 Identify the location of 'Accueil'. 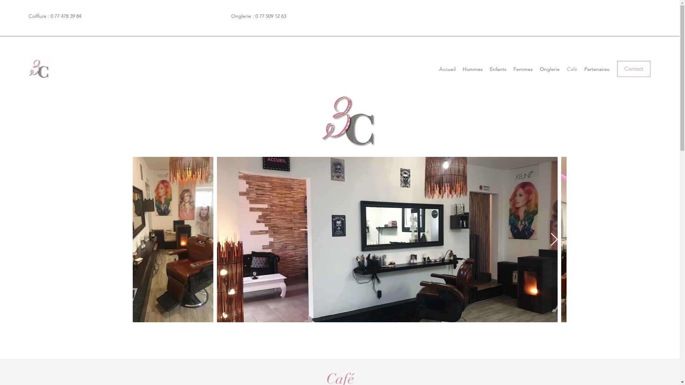
(447, 69).